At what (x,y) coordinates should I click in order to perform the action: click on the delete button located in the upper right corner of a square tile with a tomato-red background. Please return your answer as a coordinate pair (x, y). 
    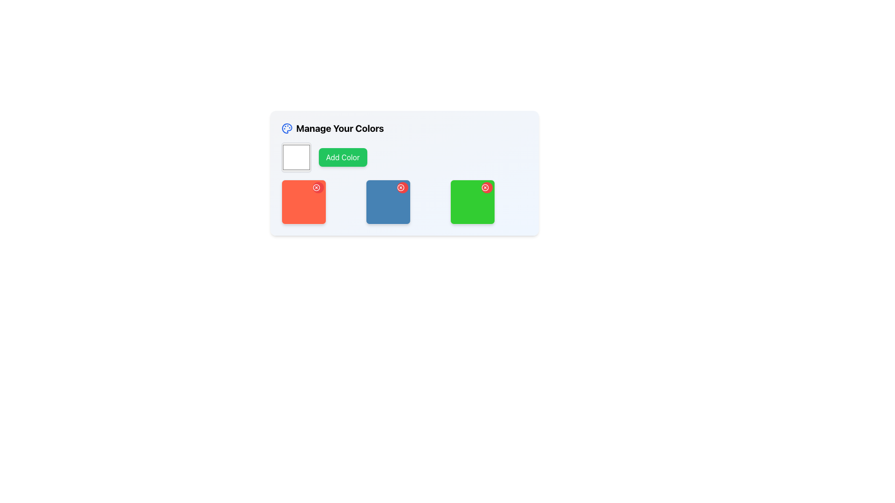
    Looking at the image, I should click on (318, 187).